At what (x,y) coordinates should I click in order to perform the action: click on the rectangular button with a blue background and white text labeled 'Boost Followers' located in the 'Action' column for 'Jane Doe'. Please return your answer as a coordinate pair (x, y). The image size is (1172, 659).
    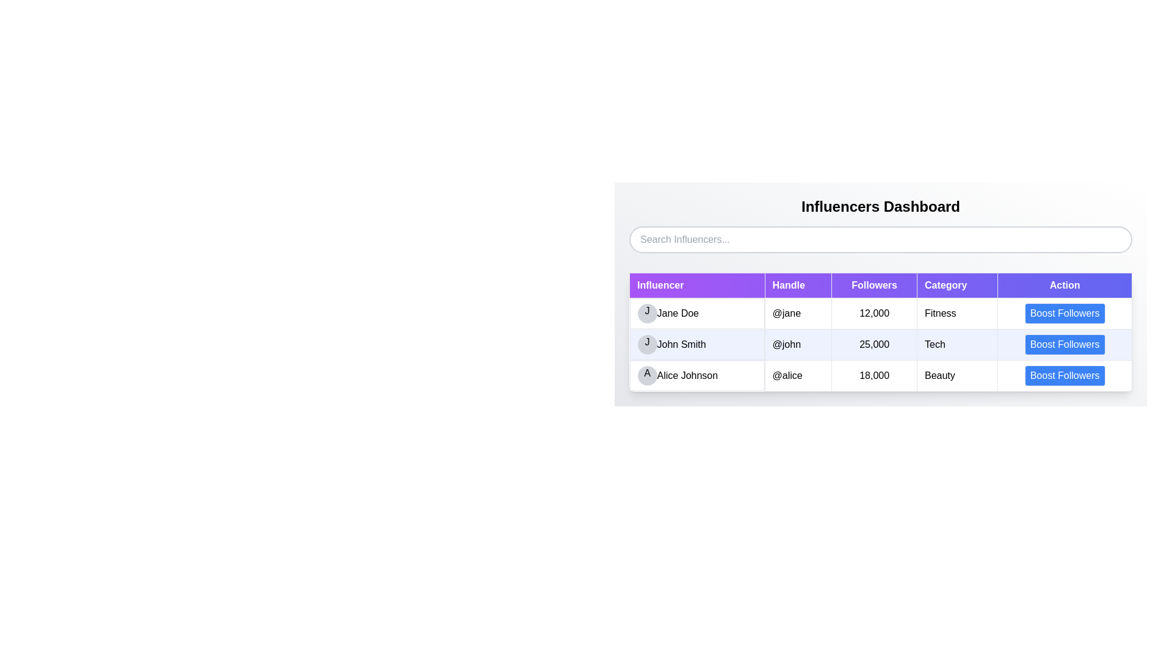
    Looking at the image, I should click on (1064, 312).